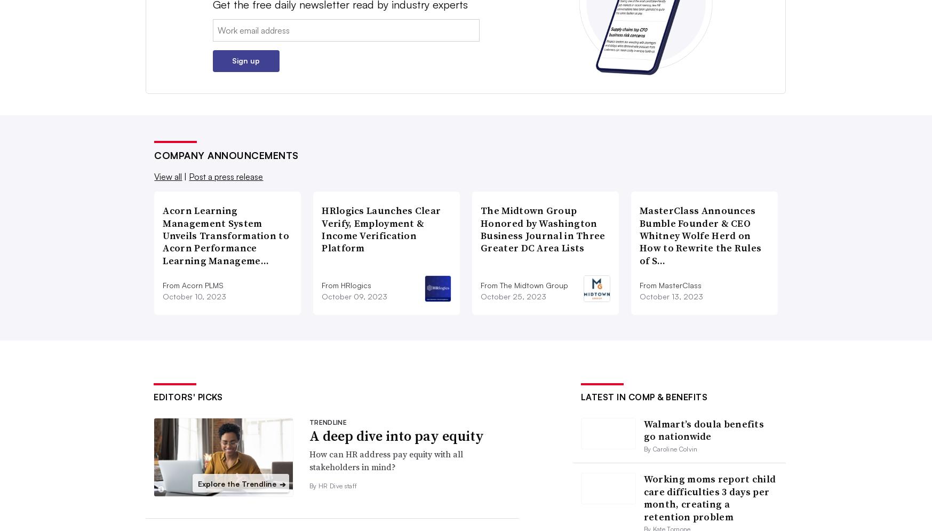  Describe the element at coordinates (328, 422) in the screenshot. I see `'Trendline'` at that location.